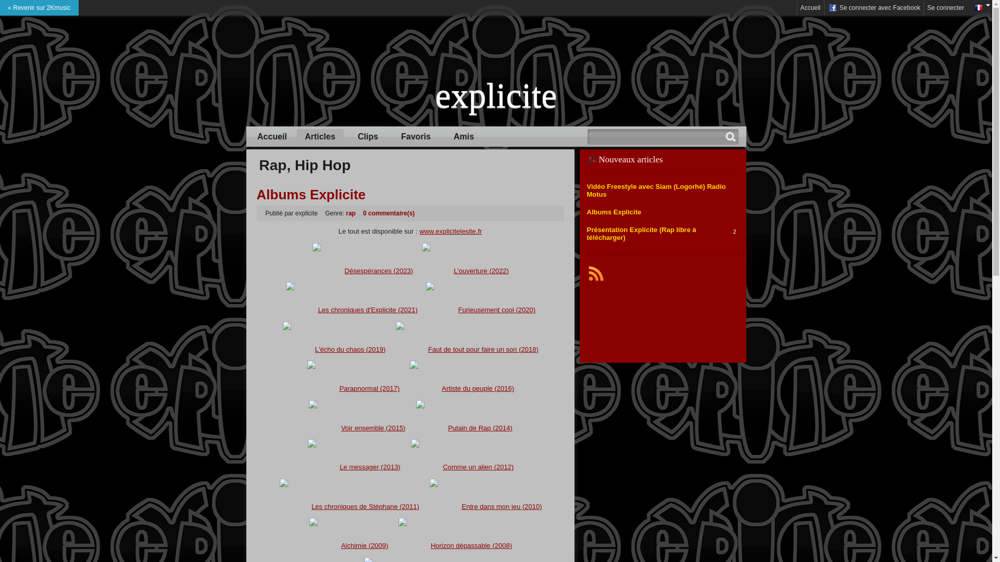  What do you see at coordinates (319, 136) in the screenshot?
I see `'Articles'` at bounding box center [319, 136].